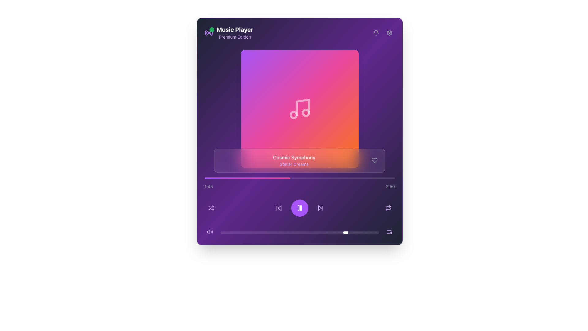 The image size is (588, 331). I want to click on the slider, so click(377, 233).